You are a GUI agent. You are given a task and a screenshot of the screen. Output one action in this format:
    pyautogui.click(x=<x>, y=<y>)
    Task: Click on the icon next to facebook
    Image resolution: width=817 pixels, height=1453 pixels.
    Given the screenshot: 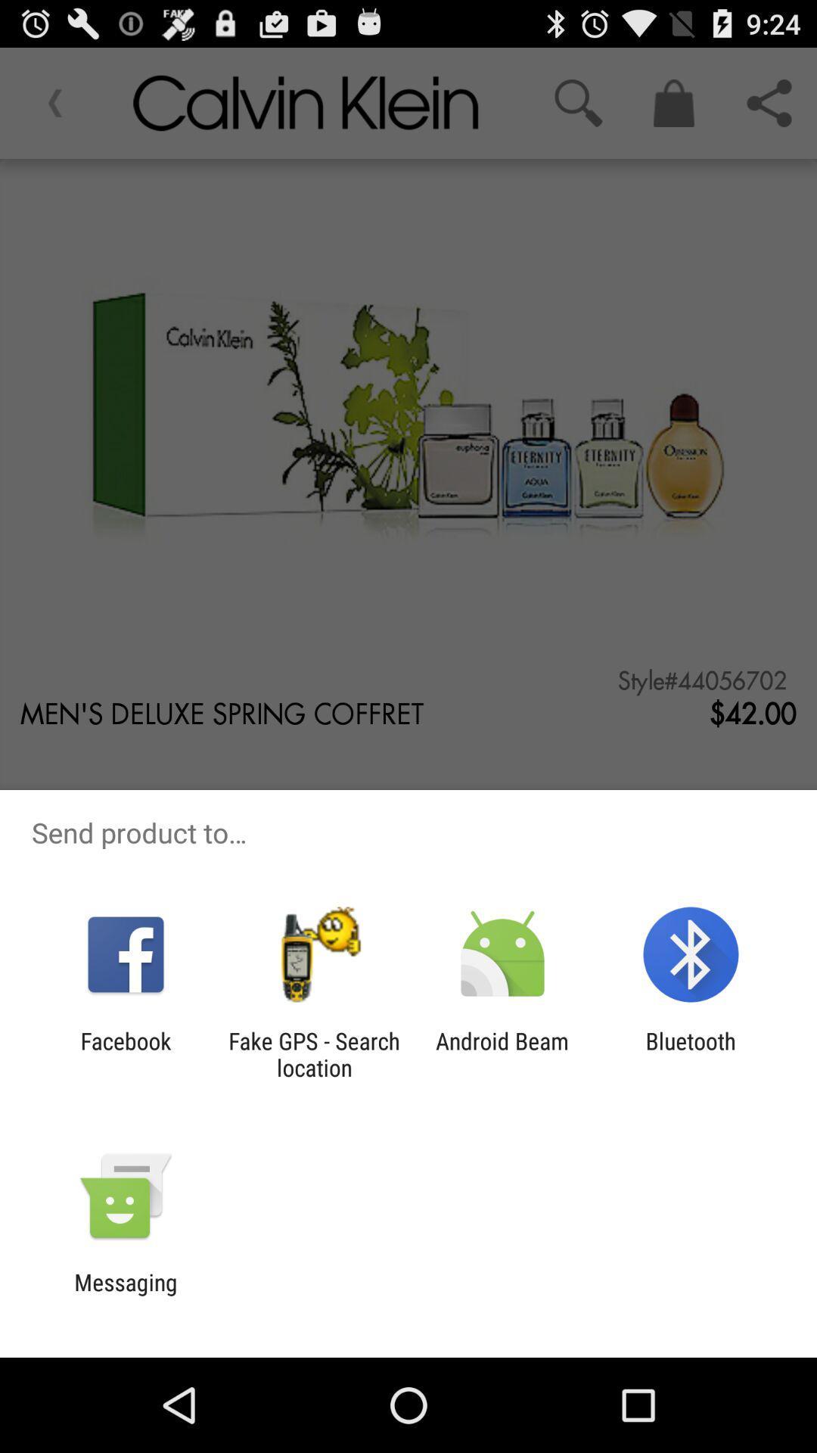 What is the action you would take?
    pyautogui.click(x=313, y=1053)
    